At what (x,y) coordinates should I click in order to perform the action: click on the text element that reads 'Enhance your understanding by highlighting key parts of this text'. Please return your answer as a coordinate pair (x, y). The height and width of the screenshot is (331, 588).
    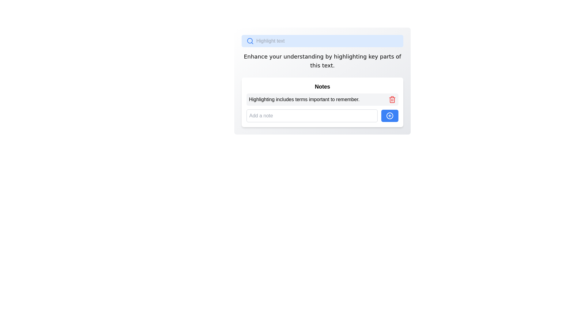
    Looking at the image, I should click on (333, 56).